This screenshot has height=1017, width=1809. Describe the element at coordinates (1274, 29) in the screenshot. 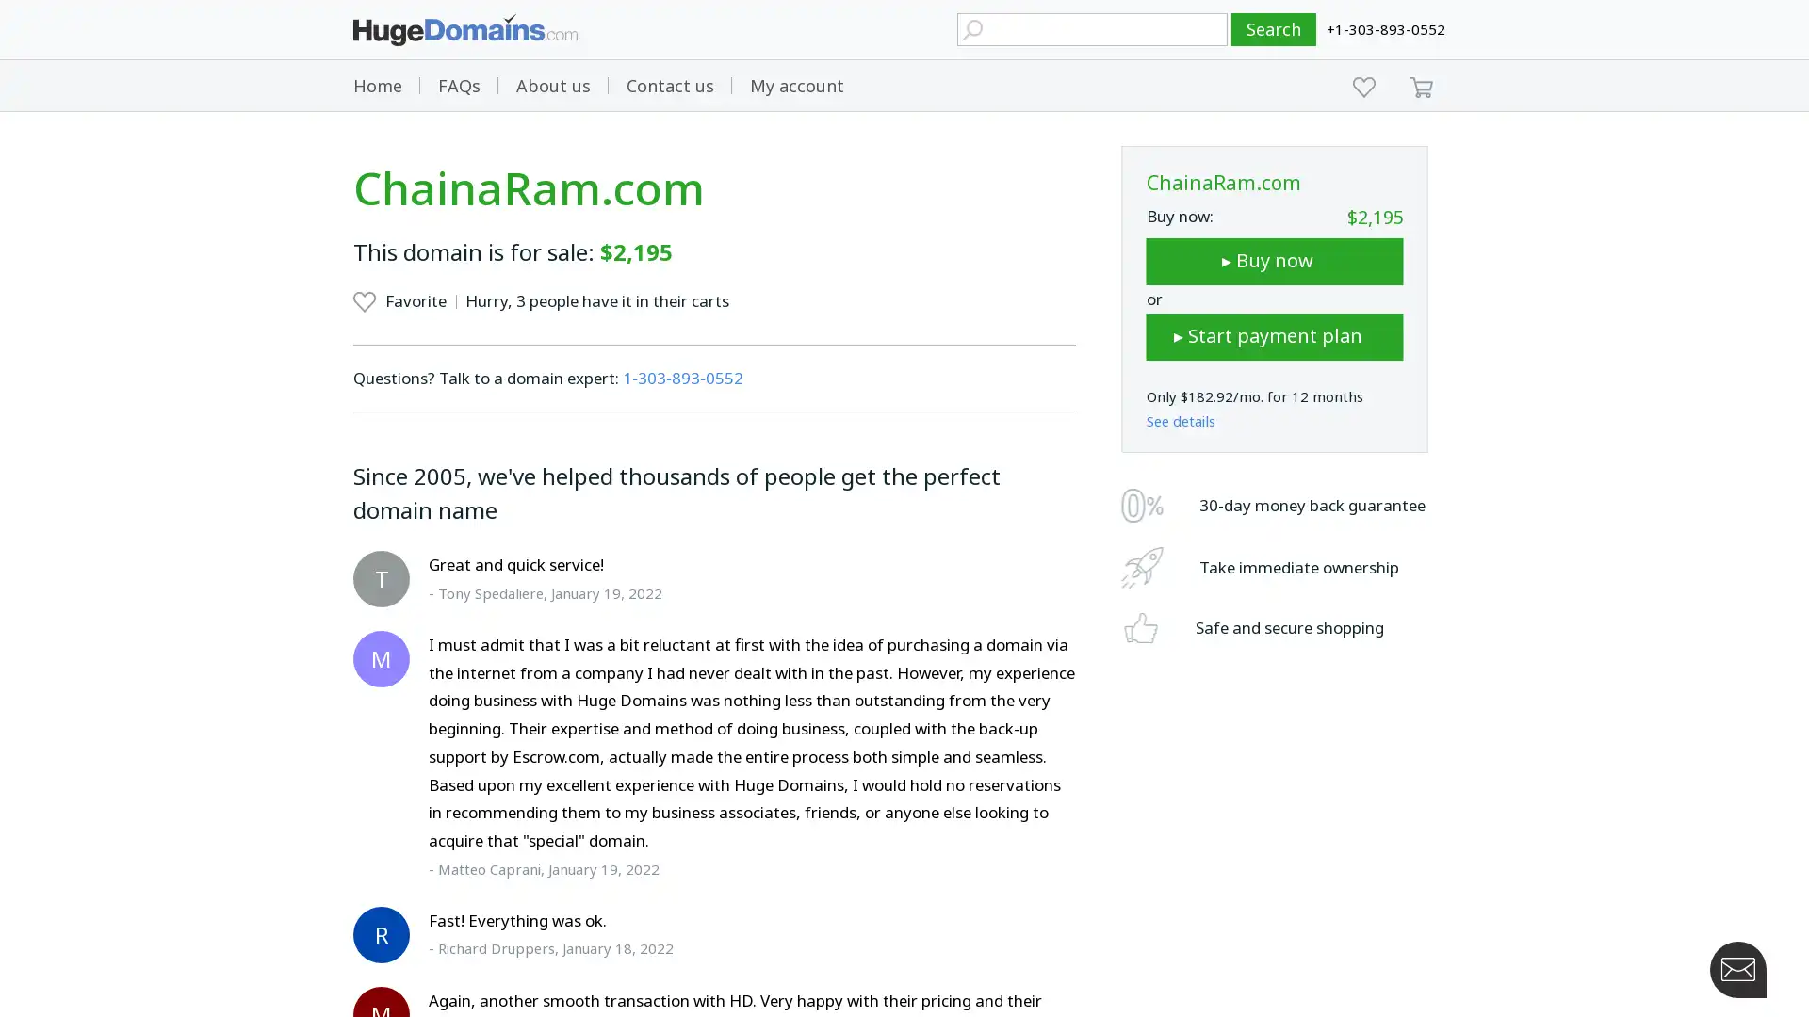

I see `Search` at that location.